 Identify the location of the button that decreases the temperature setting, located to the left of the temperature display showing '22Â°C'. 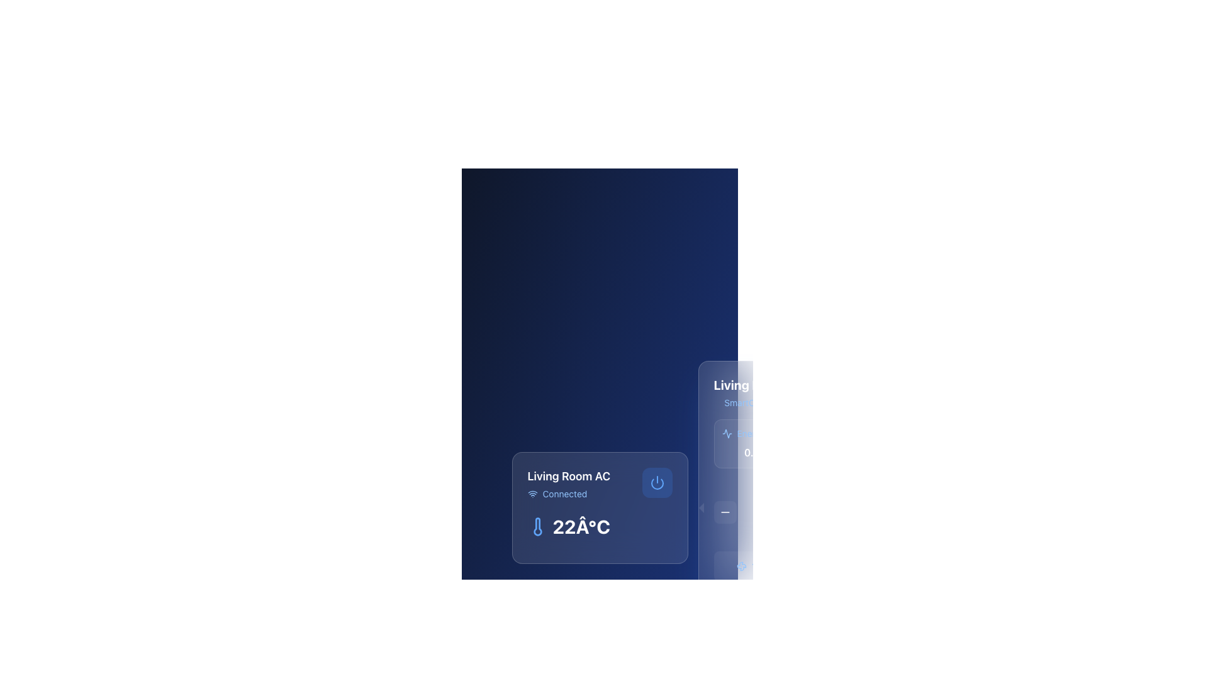
(817, 512).